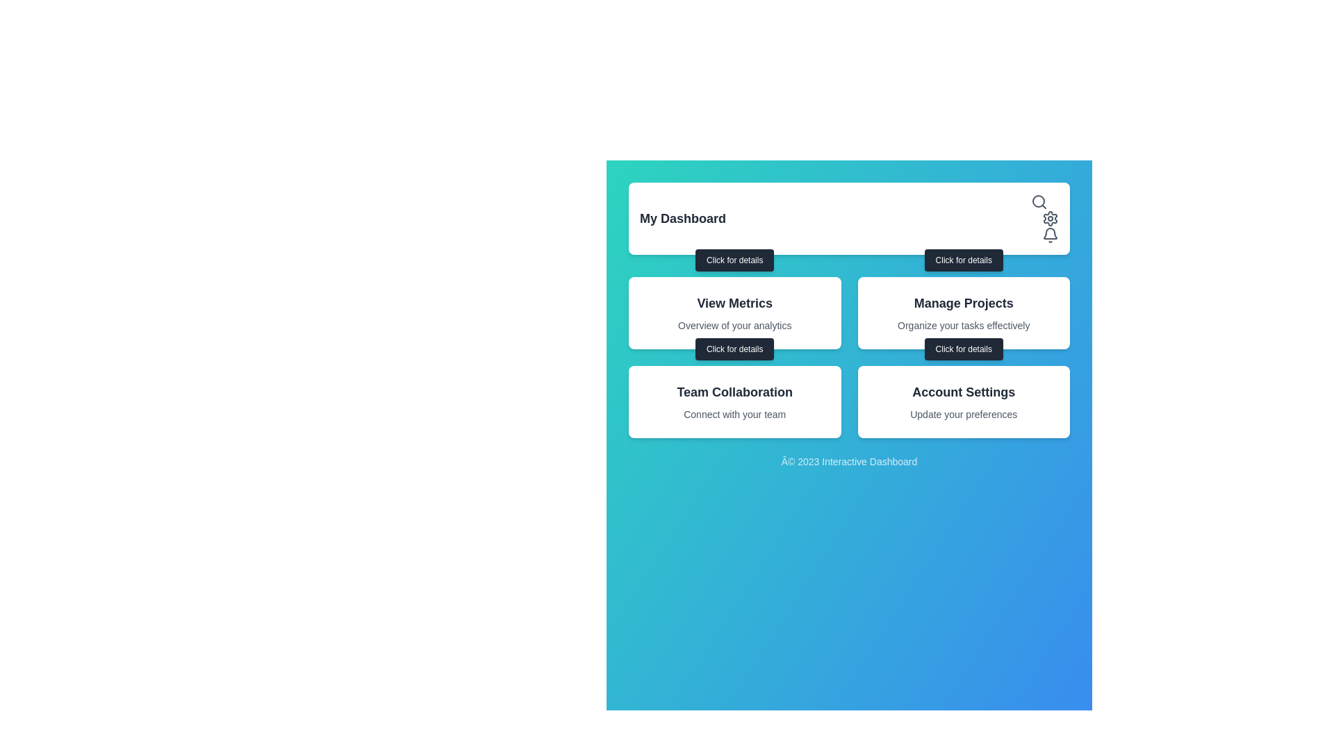  I want to click on the gear icon button located in the upper right section of the interface, so click(1051, 219).